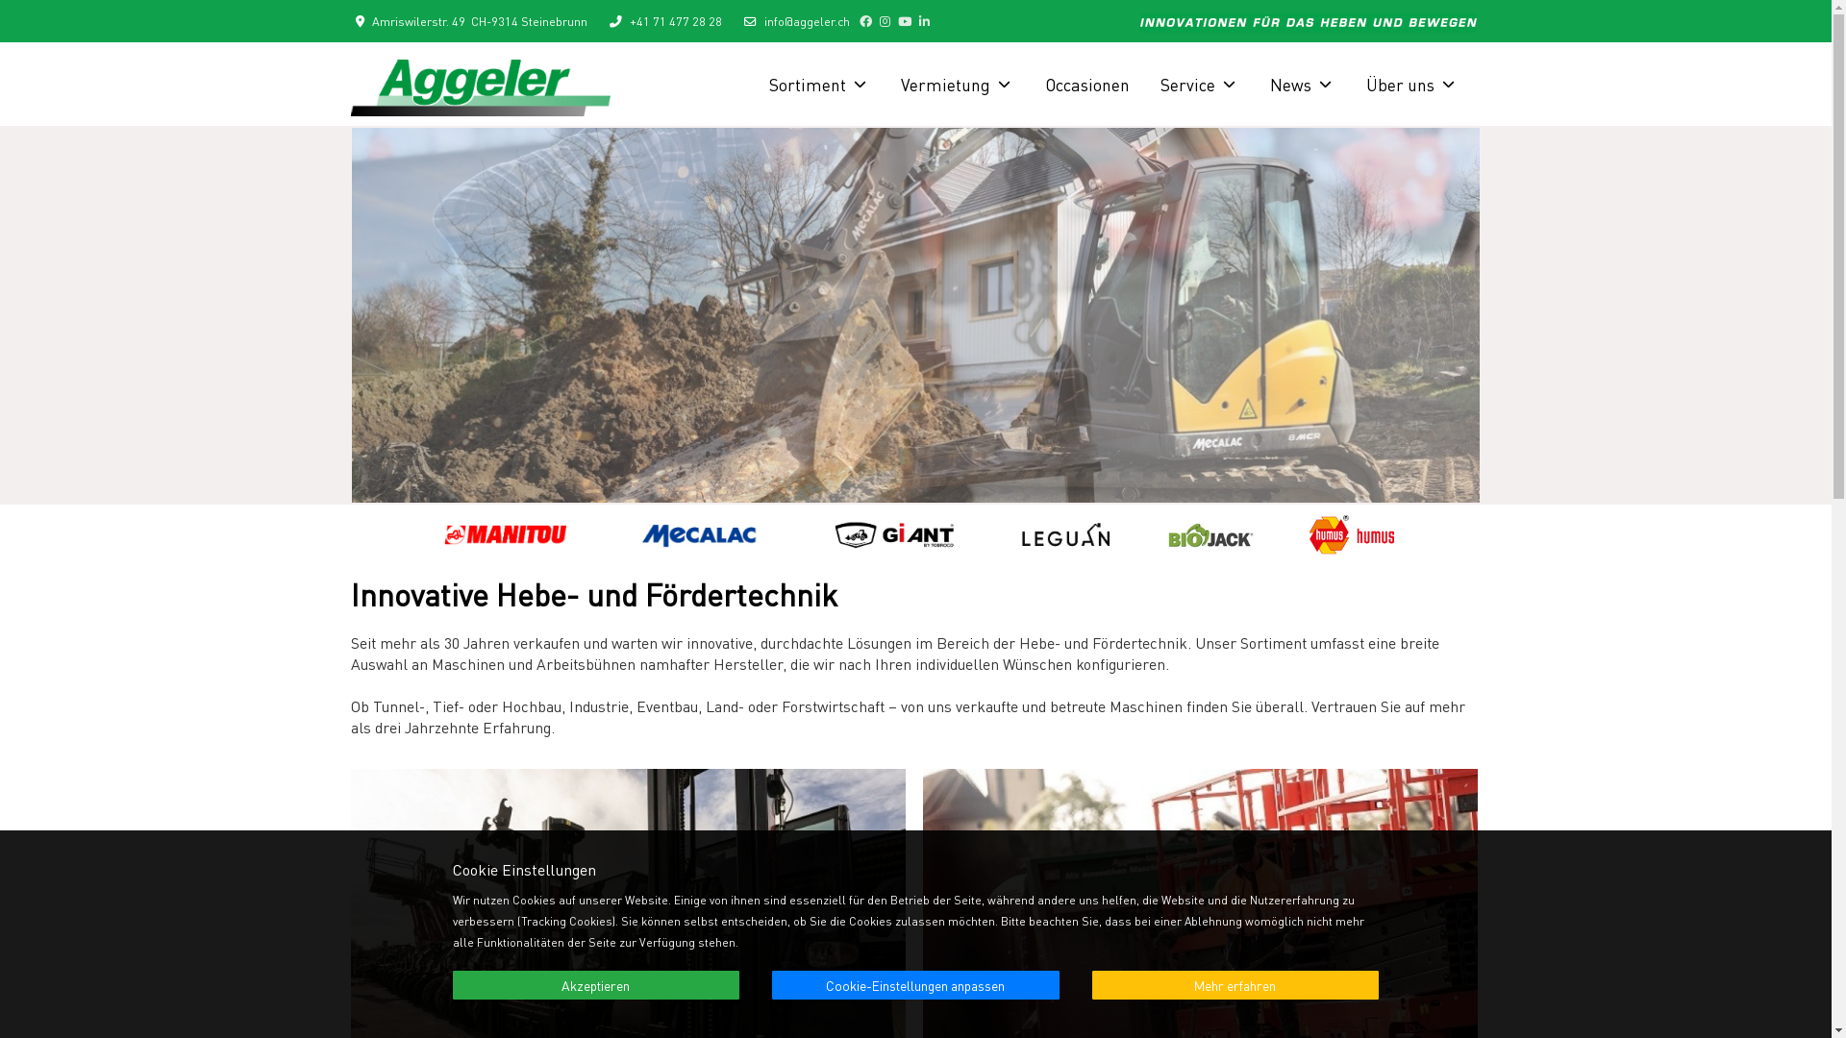 This screenshot has height=1038, width=1846. I want to click on 'Vermietung', so click(884, 84).